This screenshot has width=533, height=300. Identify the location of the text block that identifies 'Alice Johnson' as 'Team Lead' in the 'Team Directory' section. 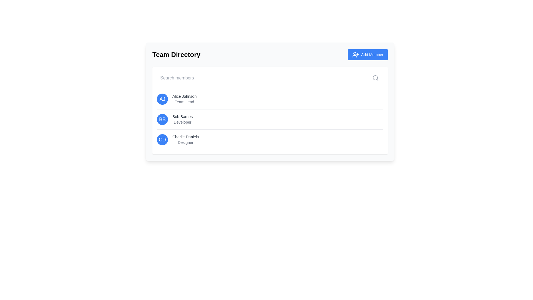
(184, 99).